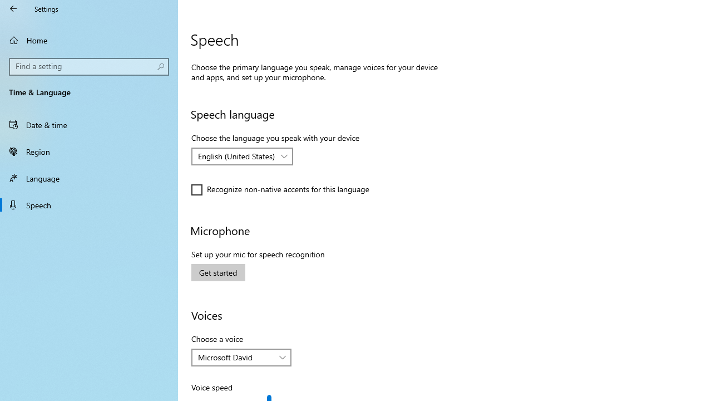 The image size is (712, 401). What do you see at coordinates (89, 66) in the screenshot?
I see `'Search box, Find a setting'` at bounding box center [89, 66].